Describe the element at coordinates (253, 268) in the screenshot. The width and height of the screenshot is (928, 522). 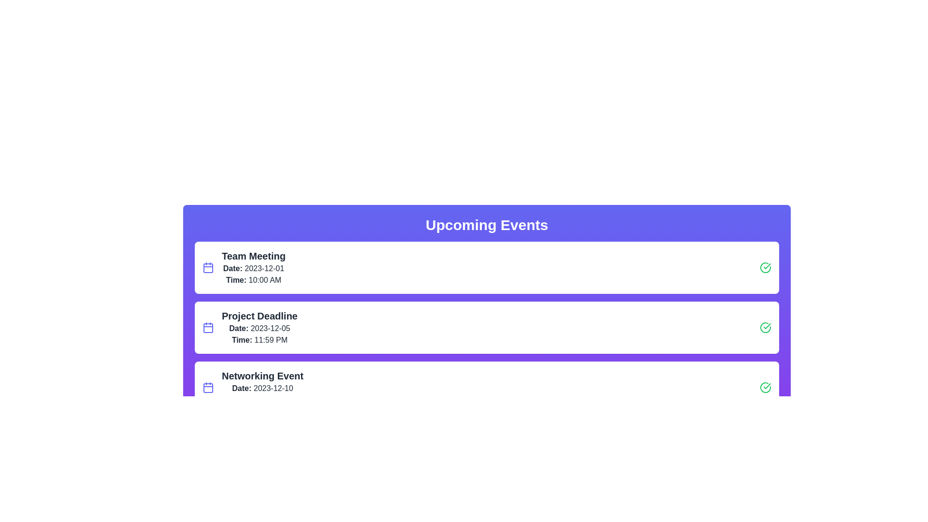
I see `the text label displaying the date for the event 'Team Meeting'` at that location.